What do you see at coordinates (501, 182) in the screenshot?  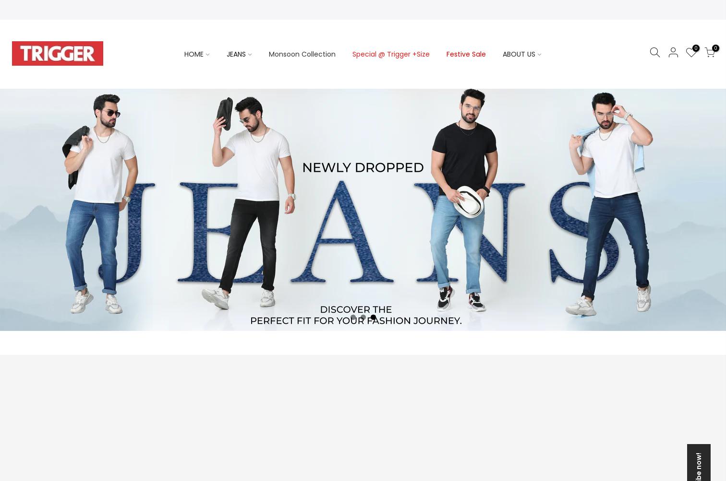 I see `'Privacy Policy'` at bounding box center [501, 182].